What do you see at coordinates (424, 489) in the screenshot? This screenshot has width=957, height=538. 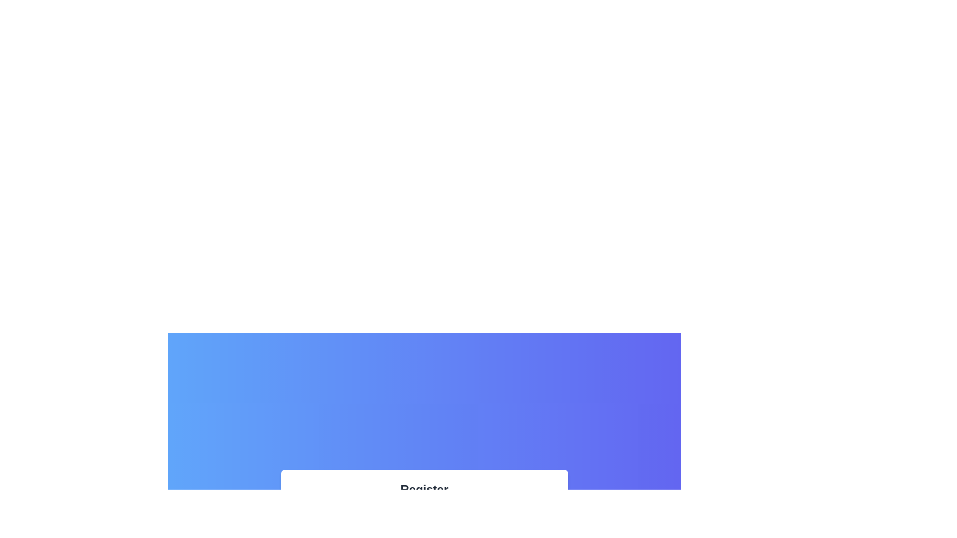 I see `text from the header element that serves as a section title for the form, providing context about its purpose` at bounding box center [424, 489].